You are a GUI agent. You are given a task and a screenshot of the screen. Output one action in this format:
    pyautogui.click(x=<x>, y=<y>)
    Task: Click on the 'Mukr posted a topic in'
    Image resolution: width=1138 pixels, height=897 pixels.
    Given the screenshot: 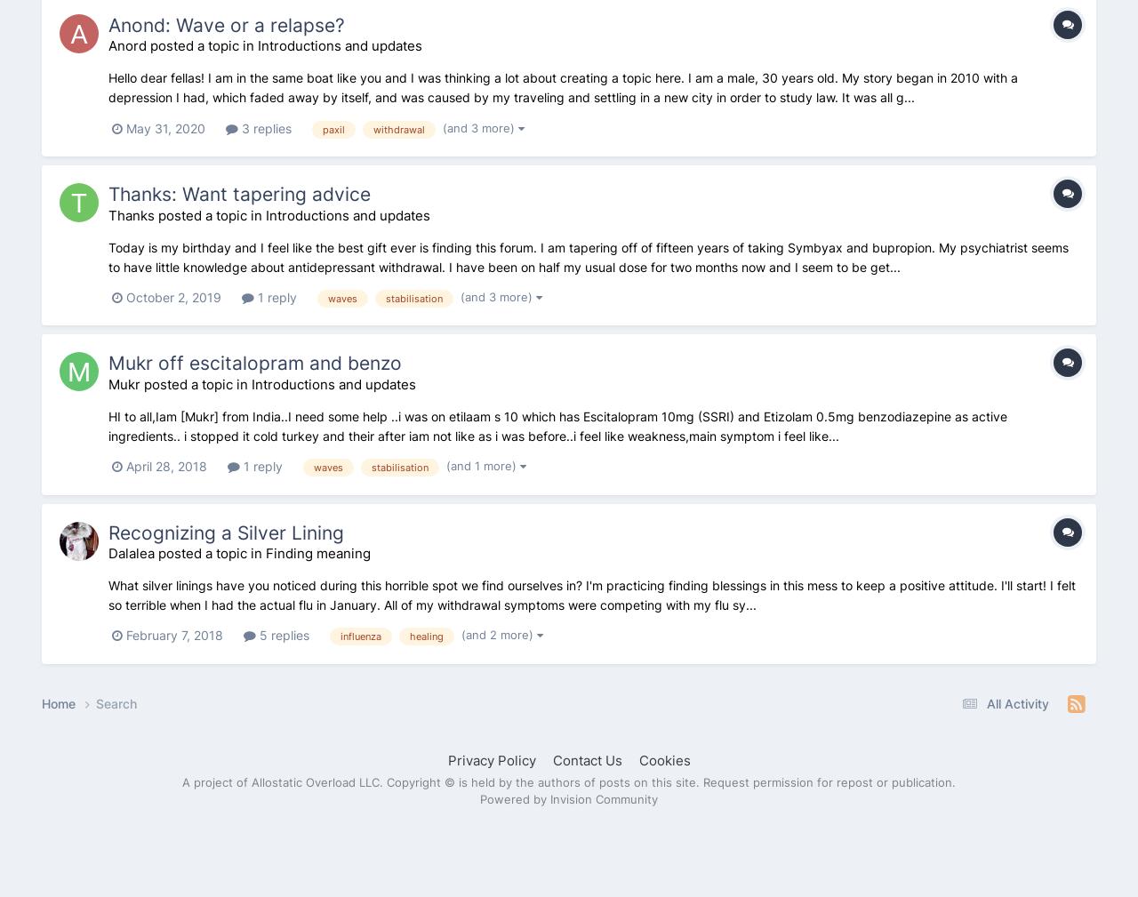 What is the action you would take?
    pyautogui.click(x=107, y=382)
    